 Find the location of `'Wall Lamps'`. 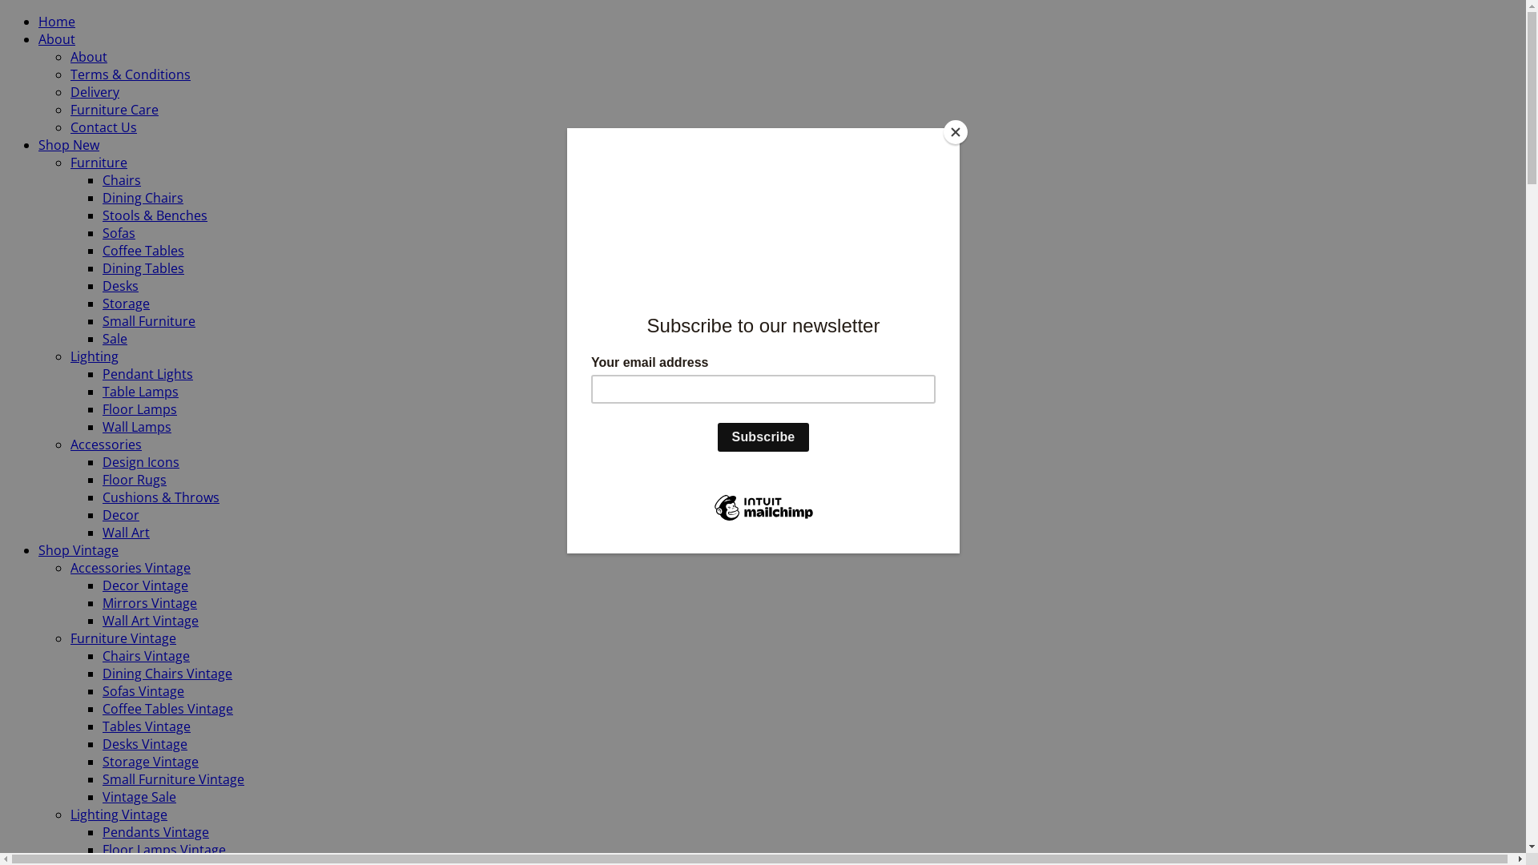

'Wall Lamps' is located at coordinates (137, 425).